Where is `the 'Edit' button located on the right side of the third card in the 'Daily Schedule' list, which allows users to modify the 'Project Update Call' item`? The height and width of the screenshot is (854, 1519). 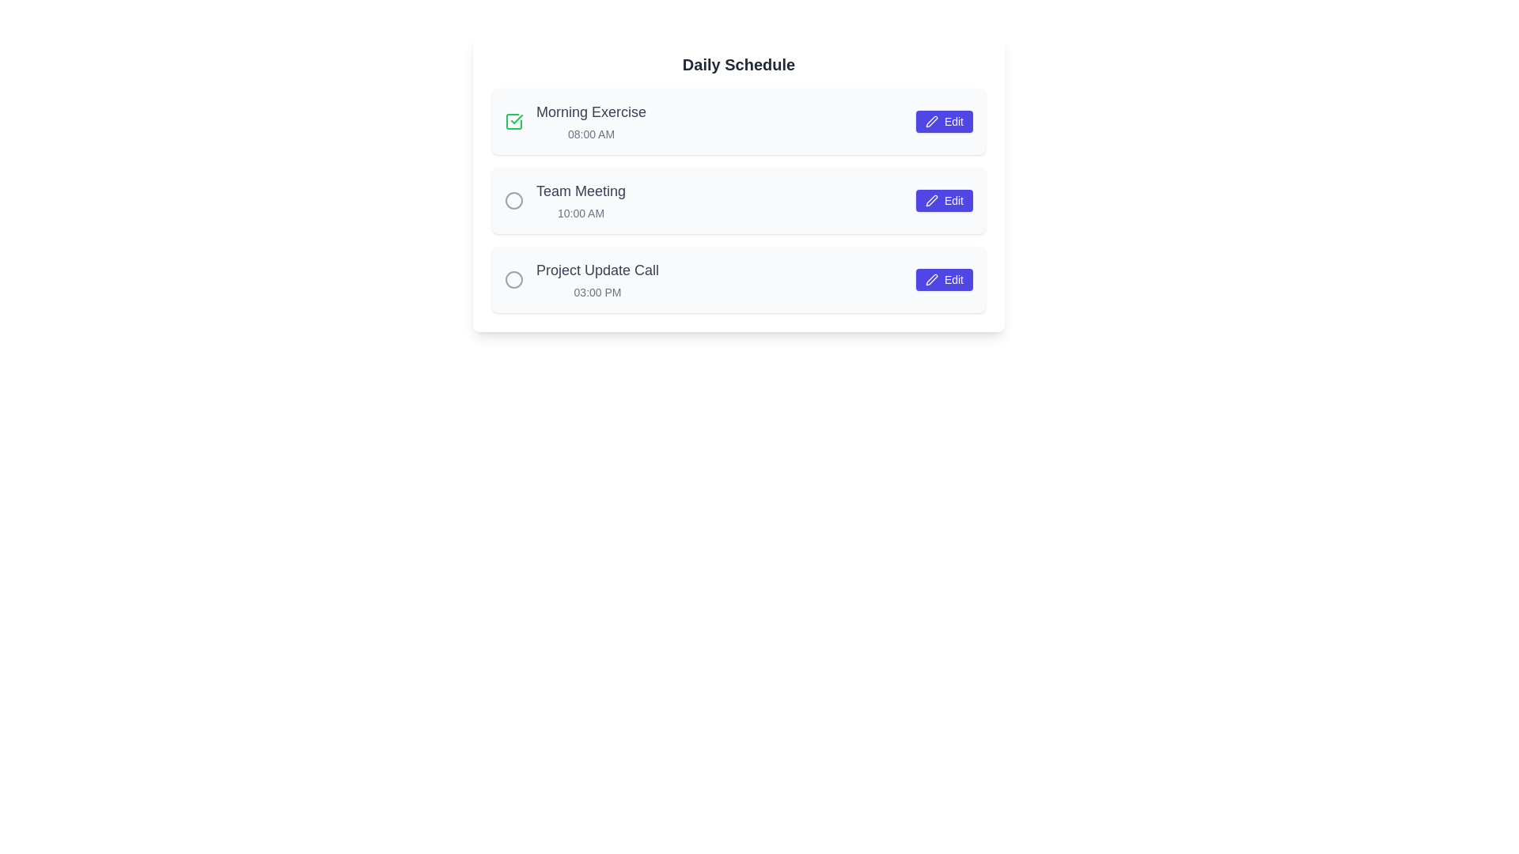
the 'Edit' button located on the right side of the third card in the 'Daily Schedule' list, which allows users to modify the 'Project Update Call' item is located at coordinates (944, 279).